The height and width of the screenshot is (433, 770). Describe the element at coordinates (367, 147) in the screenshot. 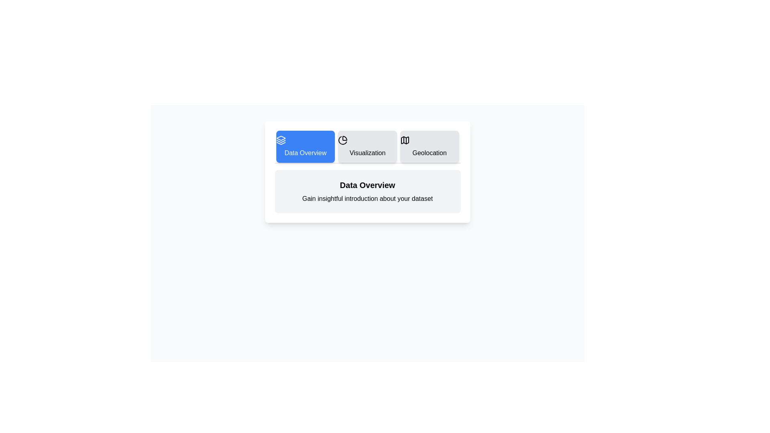

I see `the tab corresponding to Visualization` at that location.